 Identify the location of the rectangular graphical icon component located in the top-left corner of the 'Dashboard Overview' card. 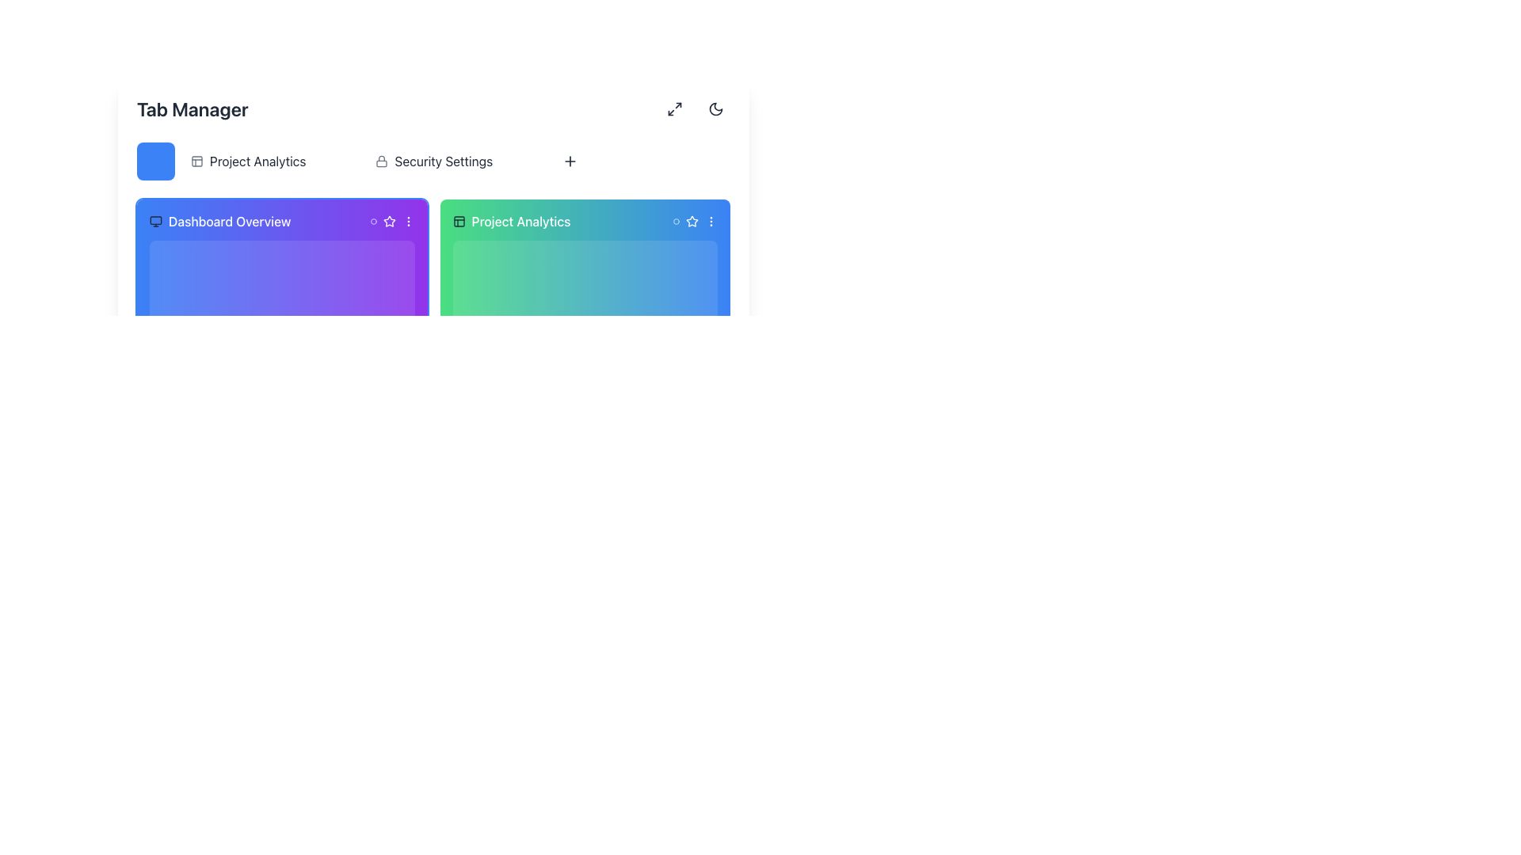
(155, 219).